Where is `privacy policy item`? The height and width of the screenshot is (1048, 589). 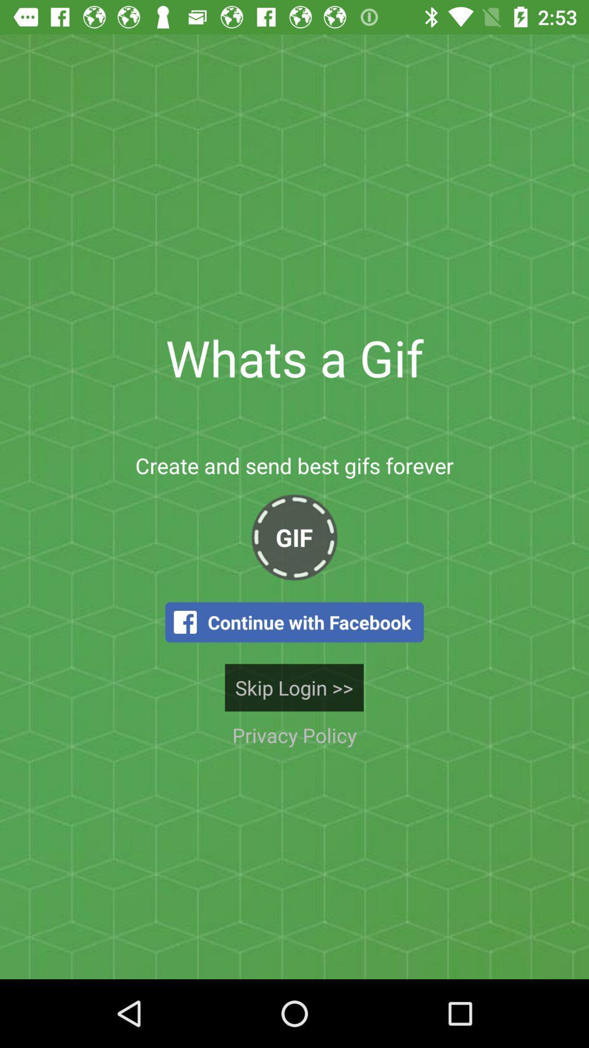
privacy policy item is located at coordinates (294, 735).